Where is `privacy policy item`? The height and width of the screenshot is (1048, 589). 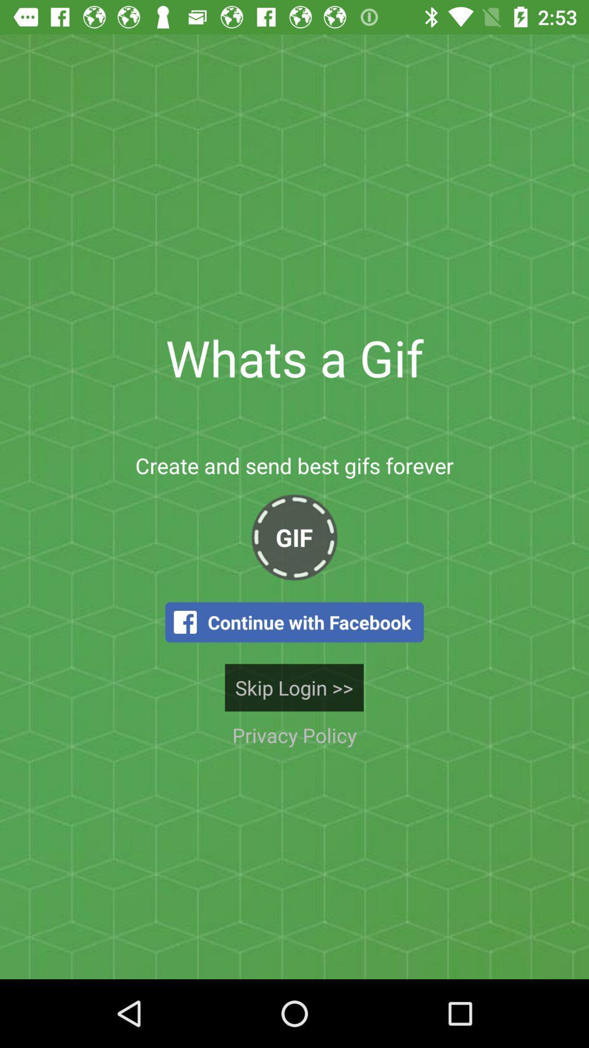
privacy policy item is located at coordinates (294, 735).